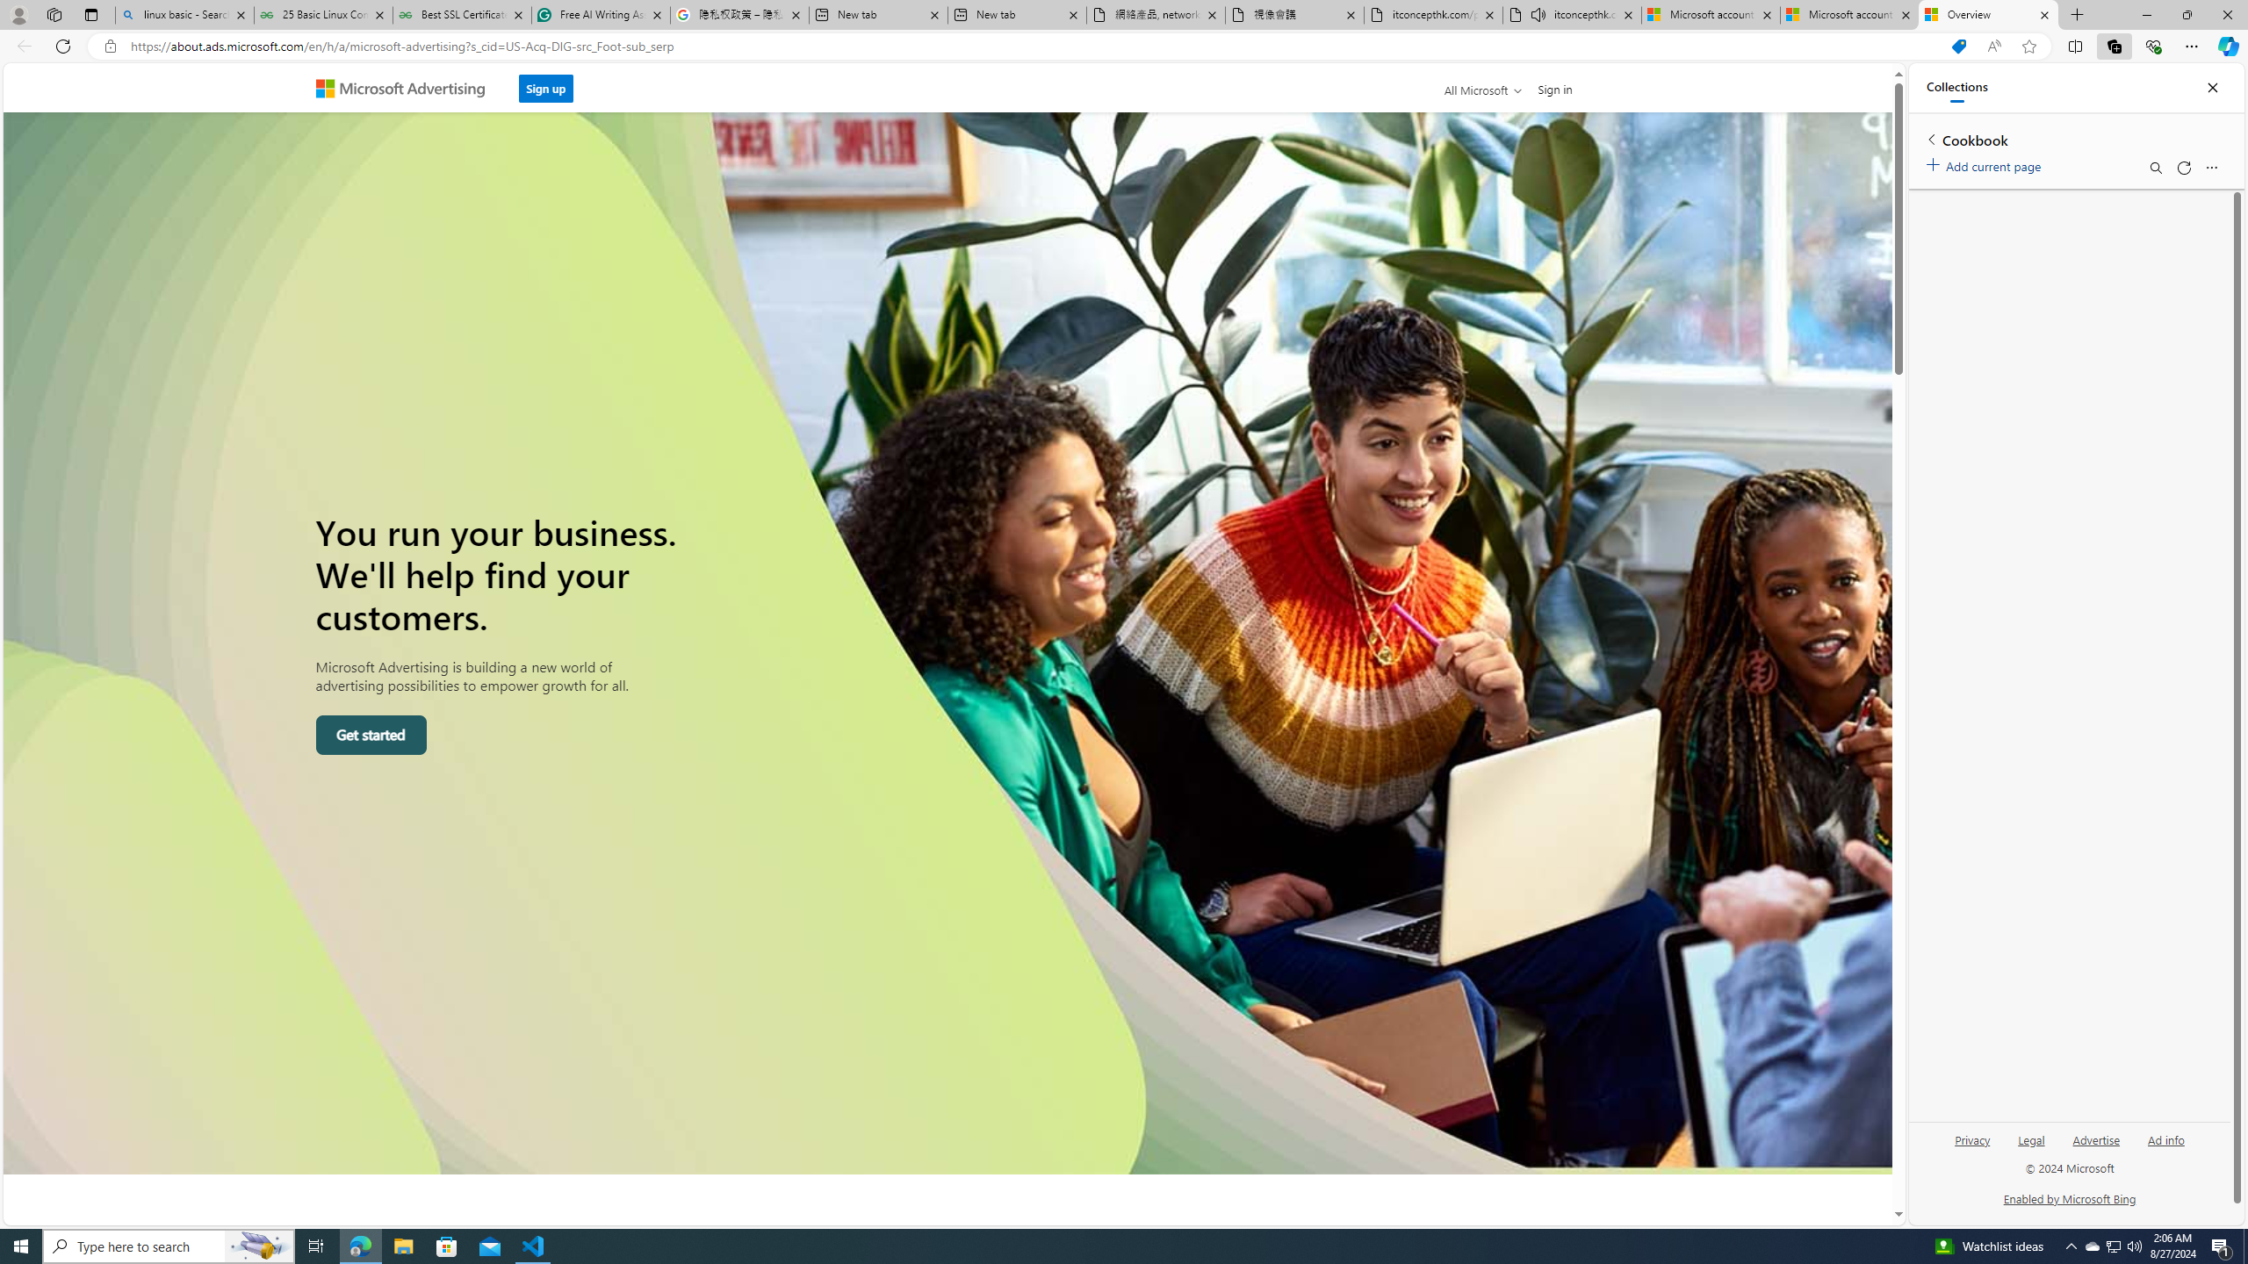 This screenshot has width=2248, height=1264. I want to click on 'linux basic - Search', so click(183, 14).